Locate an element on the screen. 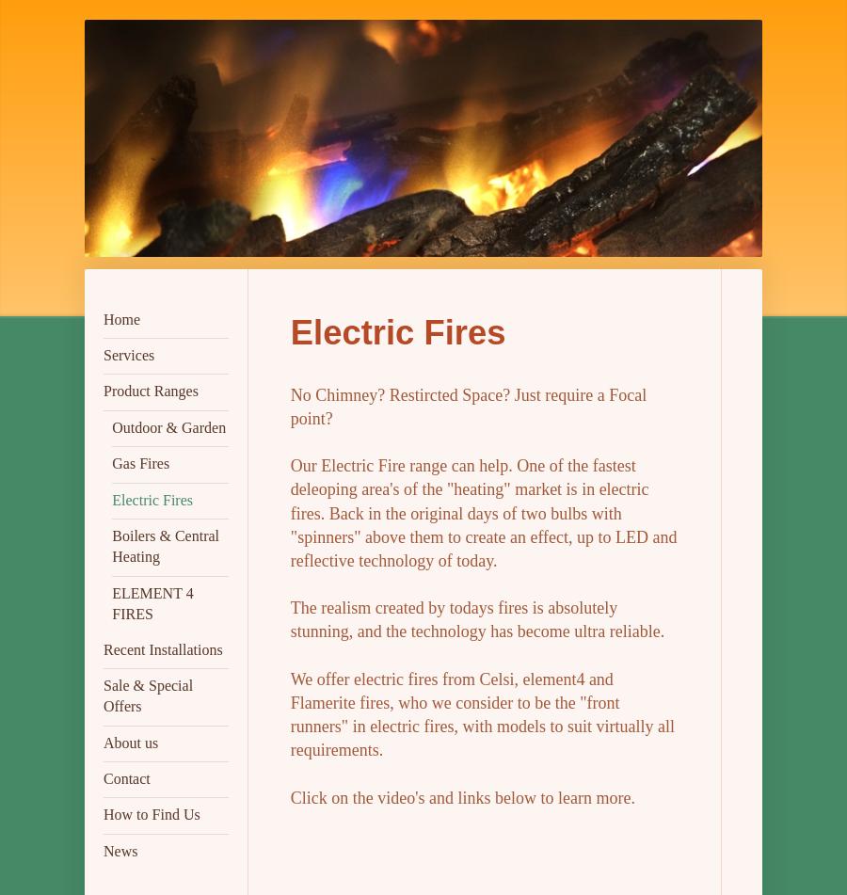 Image resolution: width=847 pixels, height=895 pixels. 'Gas Fires' is located at coordinates (140, 462).